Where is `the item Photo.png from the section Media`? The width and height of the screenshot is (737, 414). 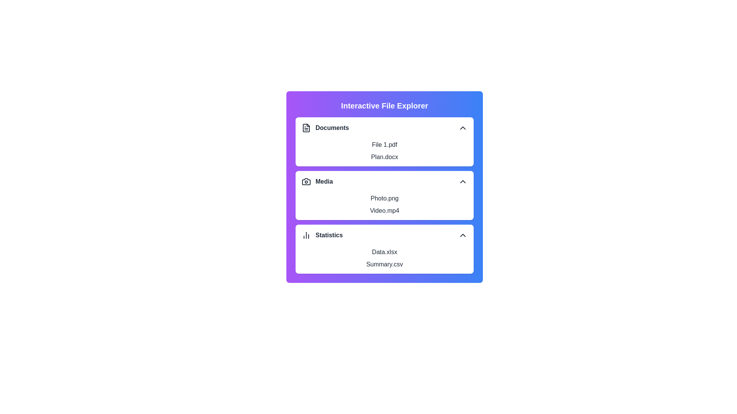
the item Photo.png from the section Media is located at coordinates (385, 198).